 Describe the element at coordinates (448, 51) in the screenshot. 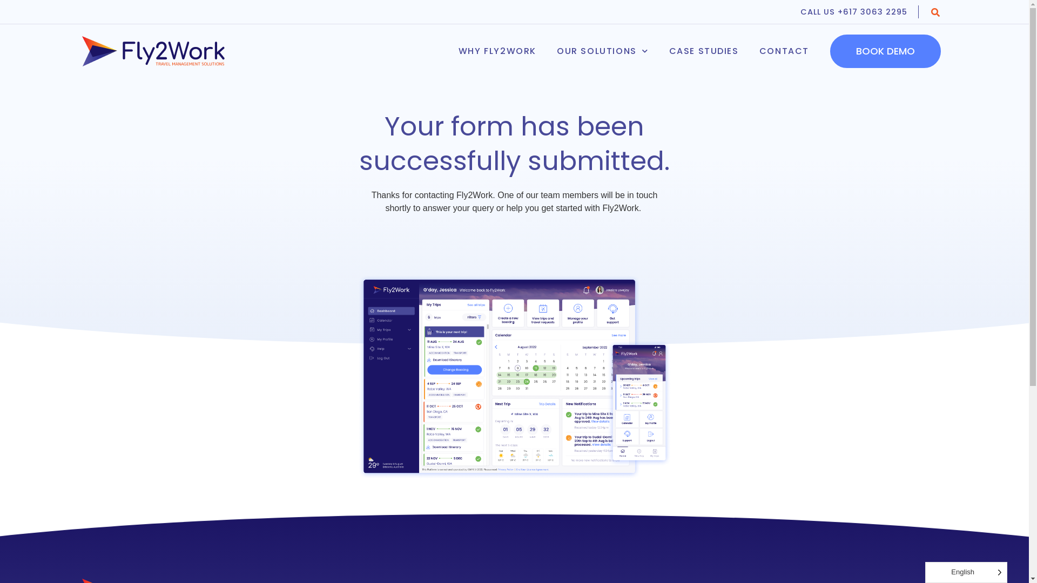

I see `'WHY FLY2WORK'` at that location.